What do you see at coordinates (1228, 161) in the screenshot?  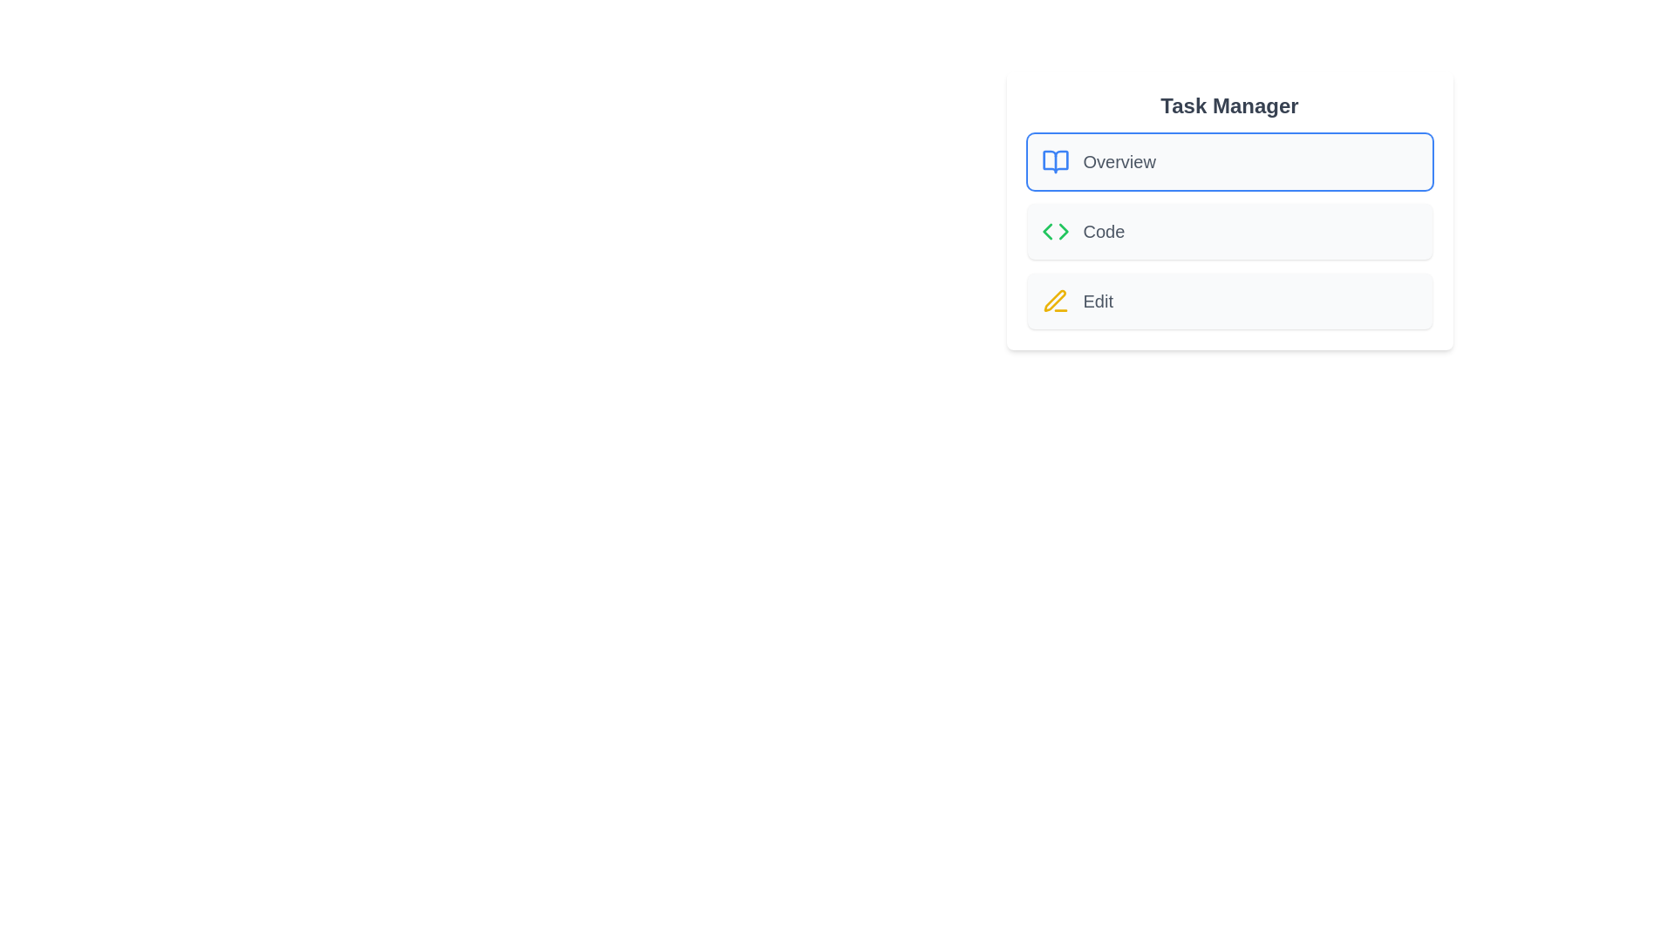 I see `the 'Overview' button located at the top of the vertically stacked group of three buttons in the 'Task Manager' section` at bounding box center [1228, 161].